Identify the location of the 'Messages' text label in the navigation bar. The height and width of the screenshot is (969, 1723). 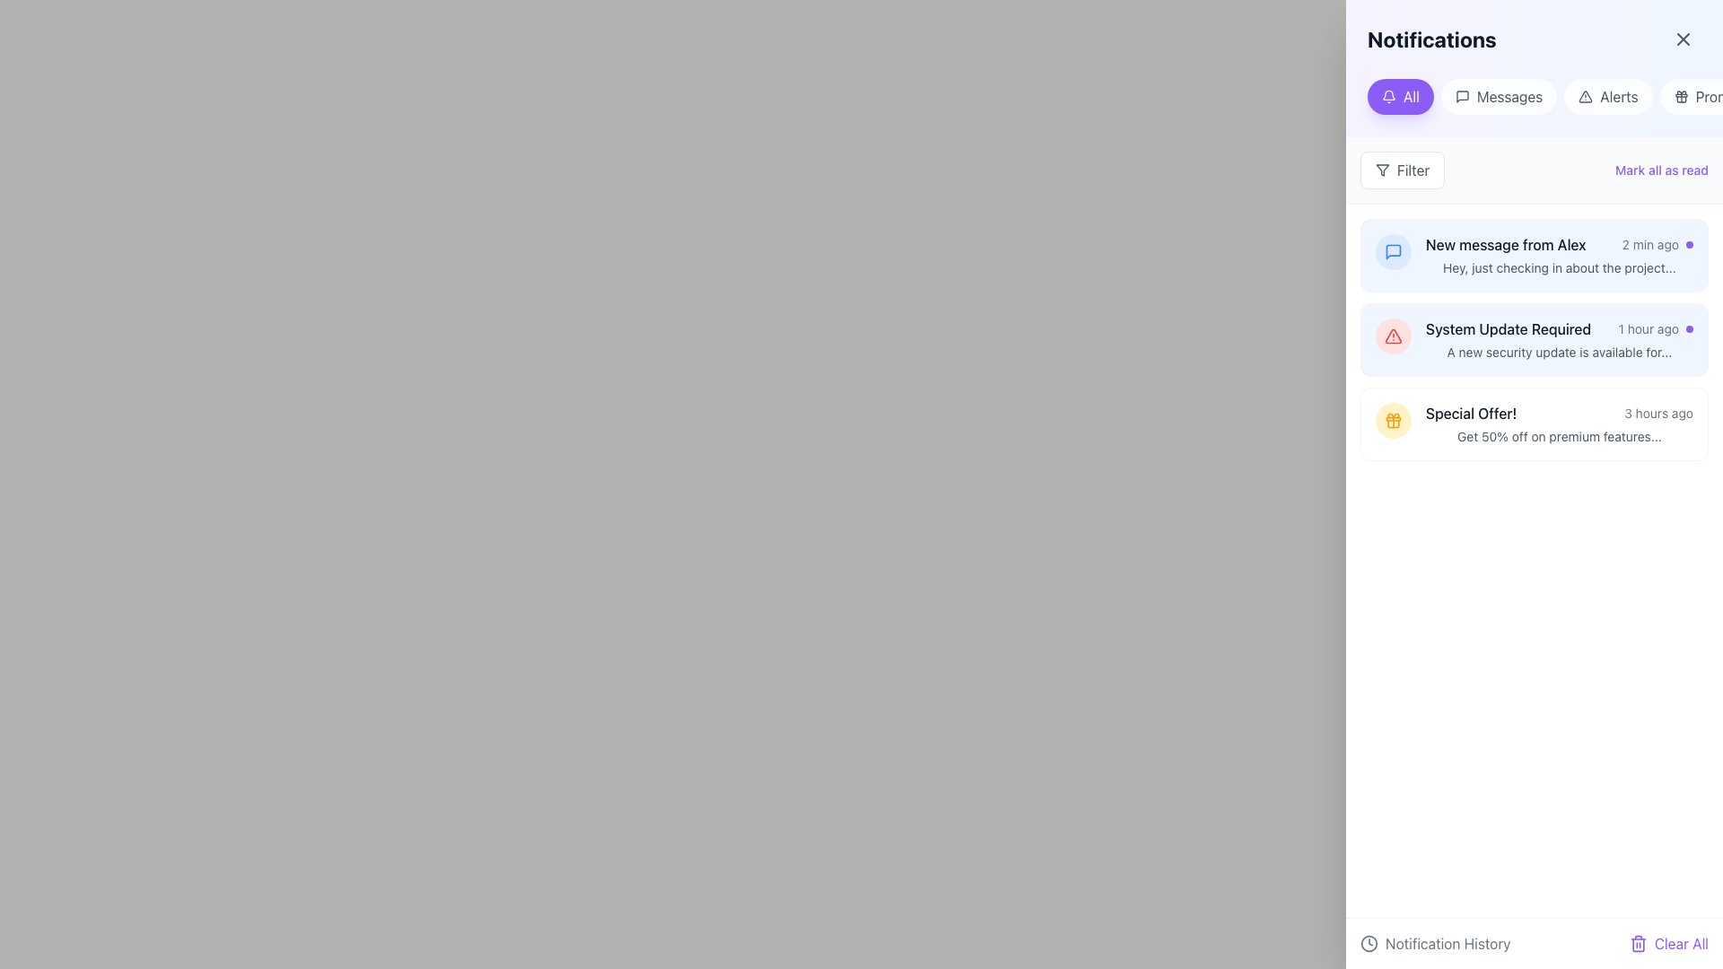
(1509, 97).